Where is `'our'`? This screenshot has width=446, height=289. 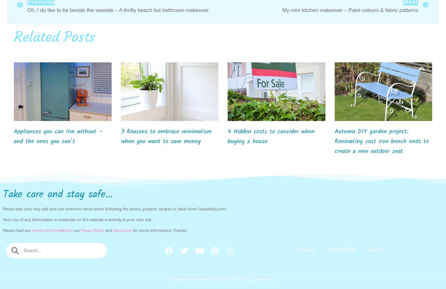
'our' is located at coordinates (77, 230).